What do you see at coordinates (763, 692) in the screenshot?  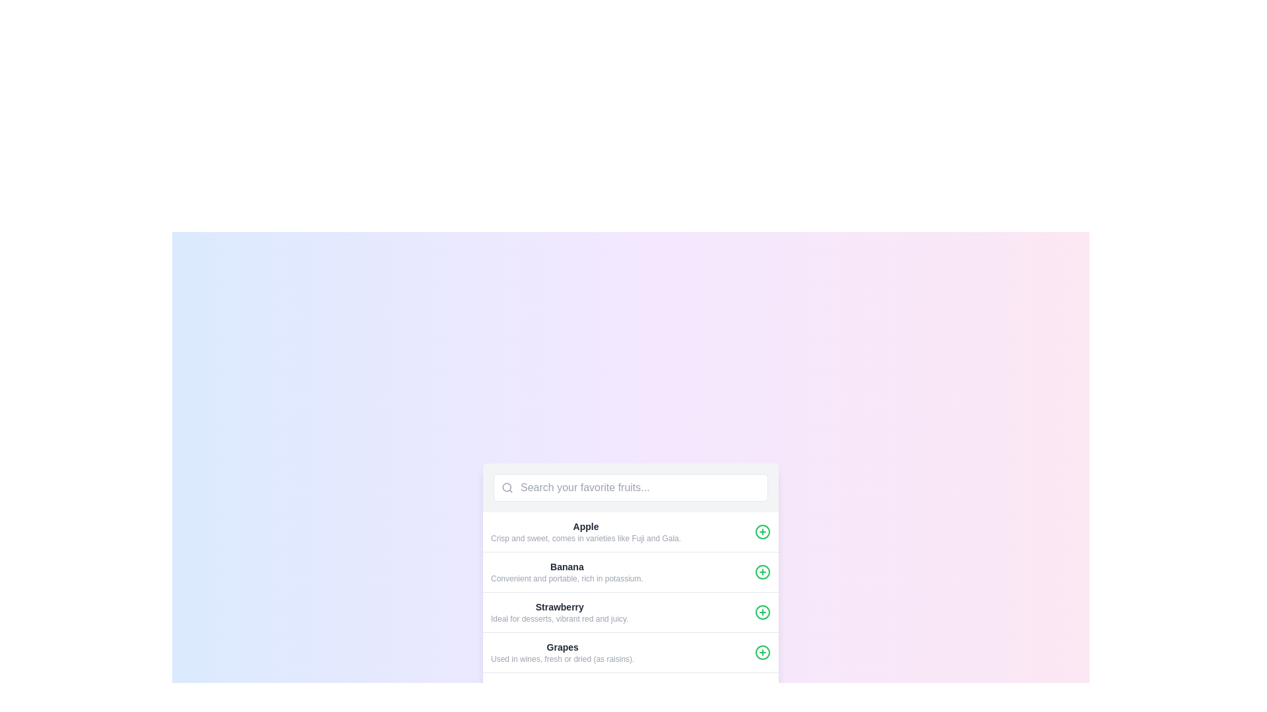 I see `the SVG Circle that represents the outer boundary of the plus icon button located at the bottom-right of the widget` at bounding box center [763, 692].